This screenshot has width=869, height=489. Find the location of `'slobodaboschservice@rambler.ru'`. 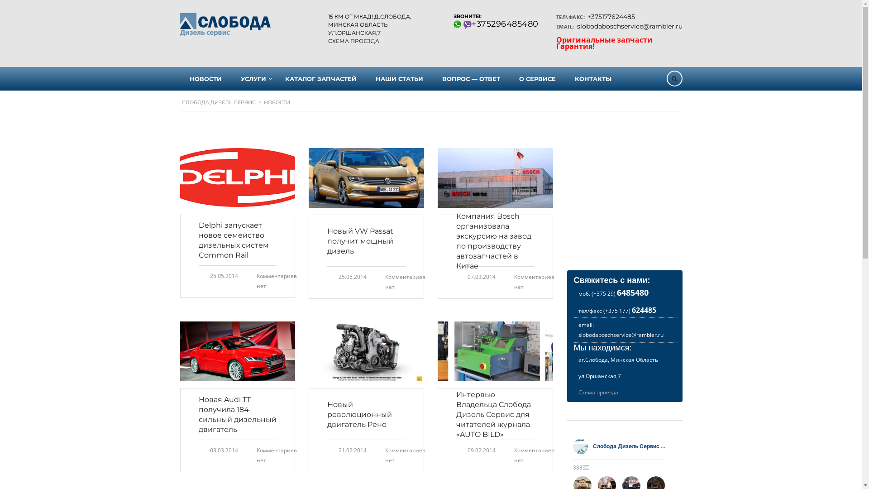

'slobodaboschservice@rambler.ru' is located at coordinates (621, 335).